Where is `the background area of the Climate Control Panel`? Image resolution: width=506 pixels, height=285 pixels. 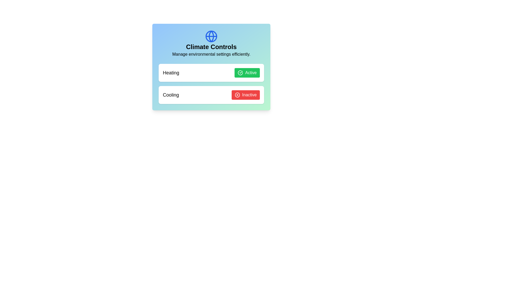
the background area of the Climate Control Panel is located at coordinates (132, 132).